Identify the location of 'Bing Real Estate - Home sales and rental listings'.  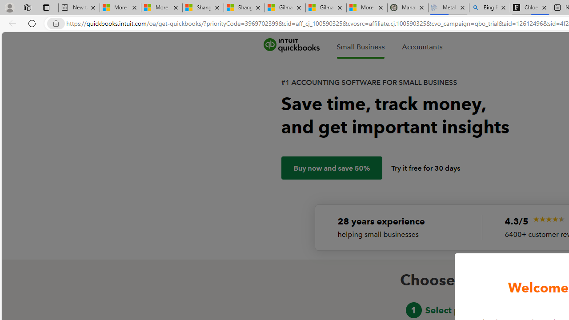
(489, 8).